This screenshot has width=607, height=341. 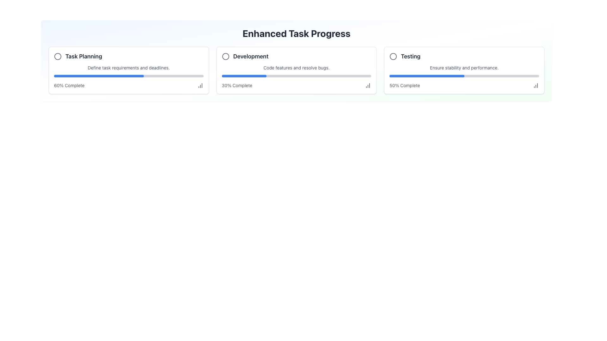 I want to click on the progress bar indicating 60% completion for the 'Task Planning' task, located between the texts 'Define task requirements and deadlines.' and '60% Complete', so click(x=128, y=75).